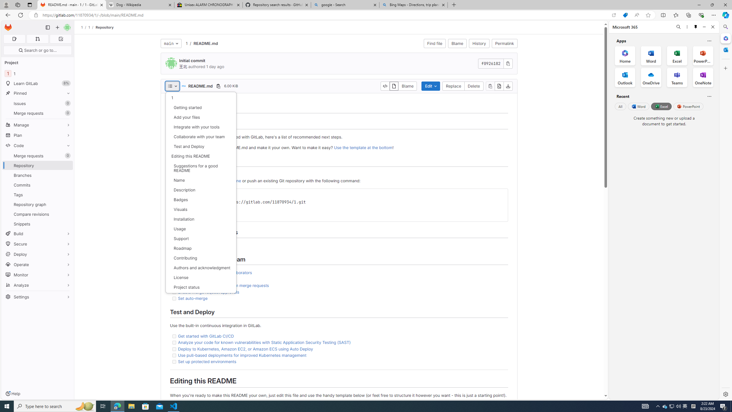 This screenshot has width=732, height=412. Describe the element at coordinates (37, 204) in the screenshot. I see `'Repository graph'` at that location.